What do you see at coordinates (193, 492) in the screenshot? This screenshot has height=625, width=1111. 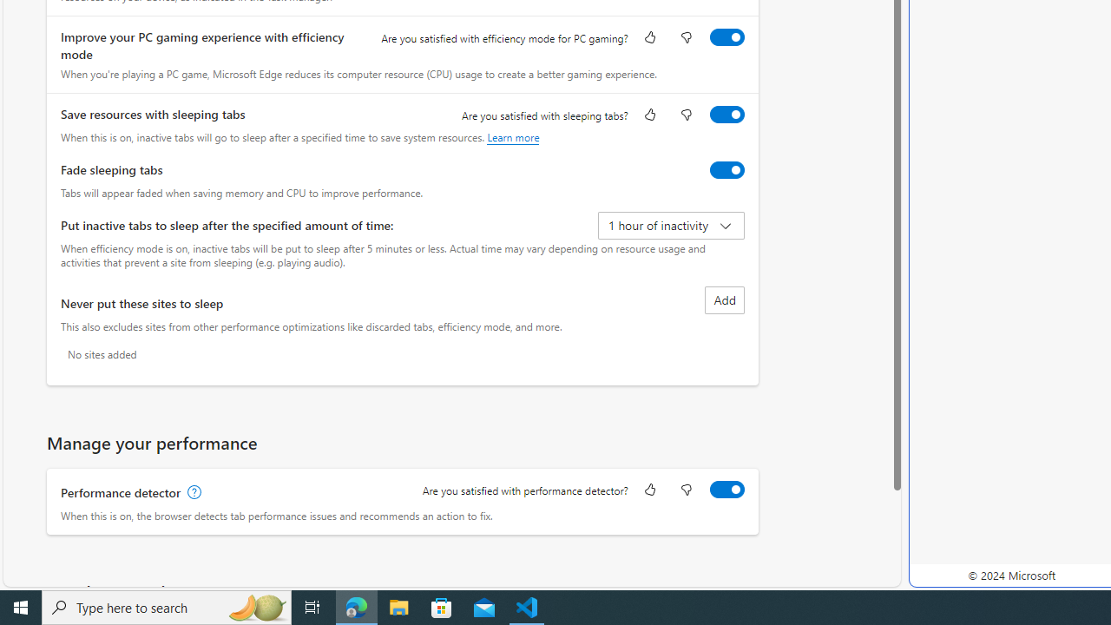 I see `'Performance detector, learn more'` at bounding box center [193, 492].